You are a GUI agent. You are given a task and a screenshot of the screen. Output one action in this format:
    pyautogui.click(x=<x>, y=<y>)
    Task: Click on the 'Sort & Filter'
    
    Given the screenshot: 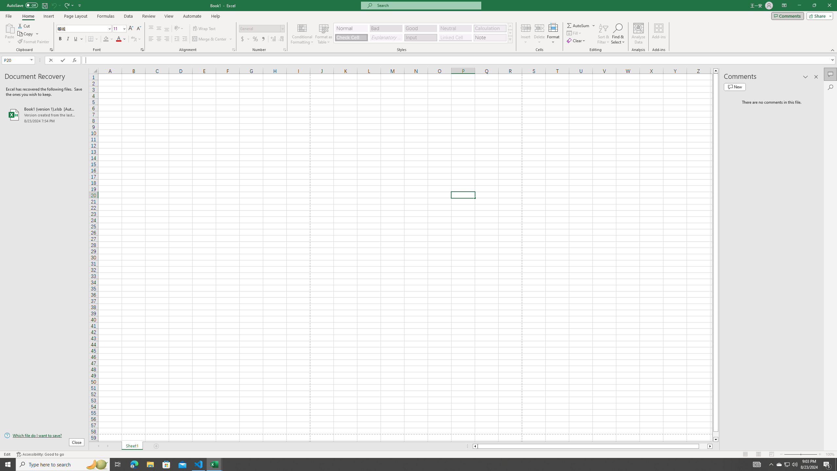 What is the action you would take?
    pyautogui.click(x=603, y=34)
    